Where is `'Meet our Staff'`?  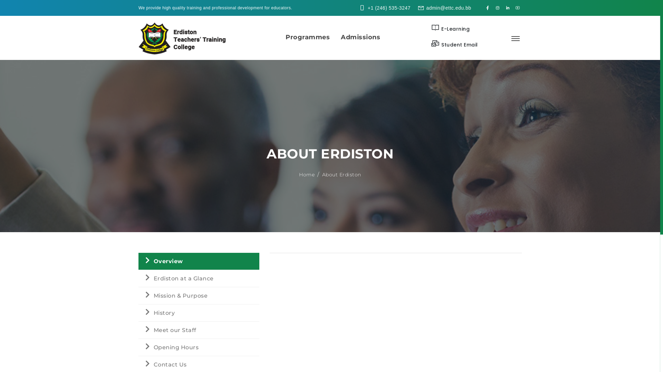 'Meet our Staff' is located at coordinates (199, 330).